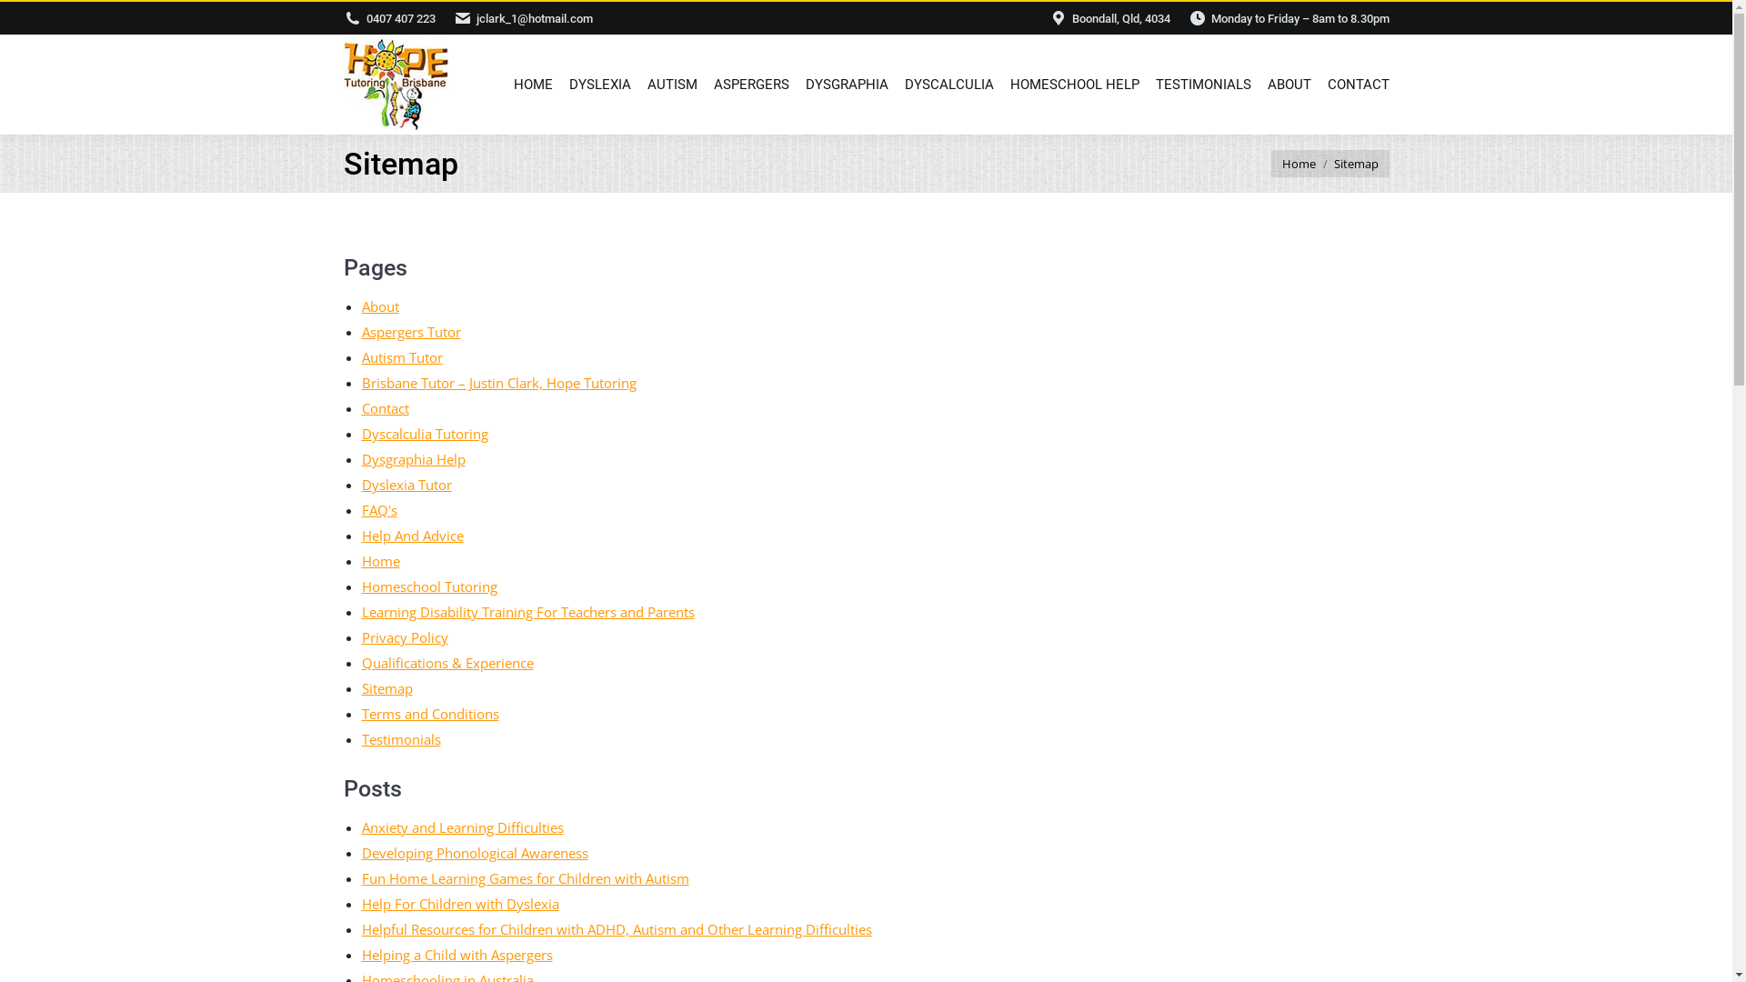 Image resolution: width=1746 pixels, height=982 pixels. Describe the element at coordinates (1354, 84) in the screenshot. I see `'CONTACT'` at that location.